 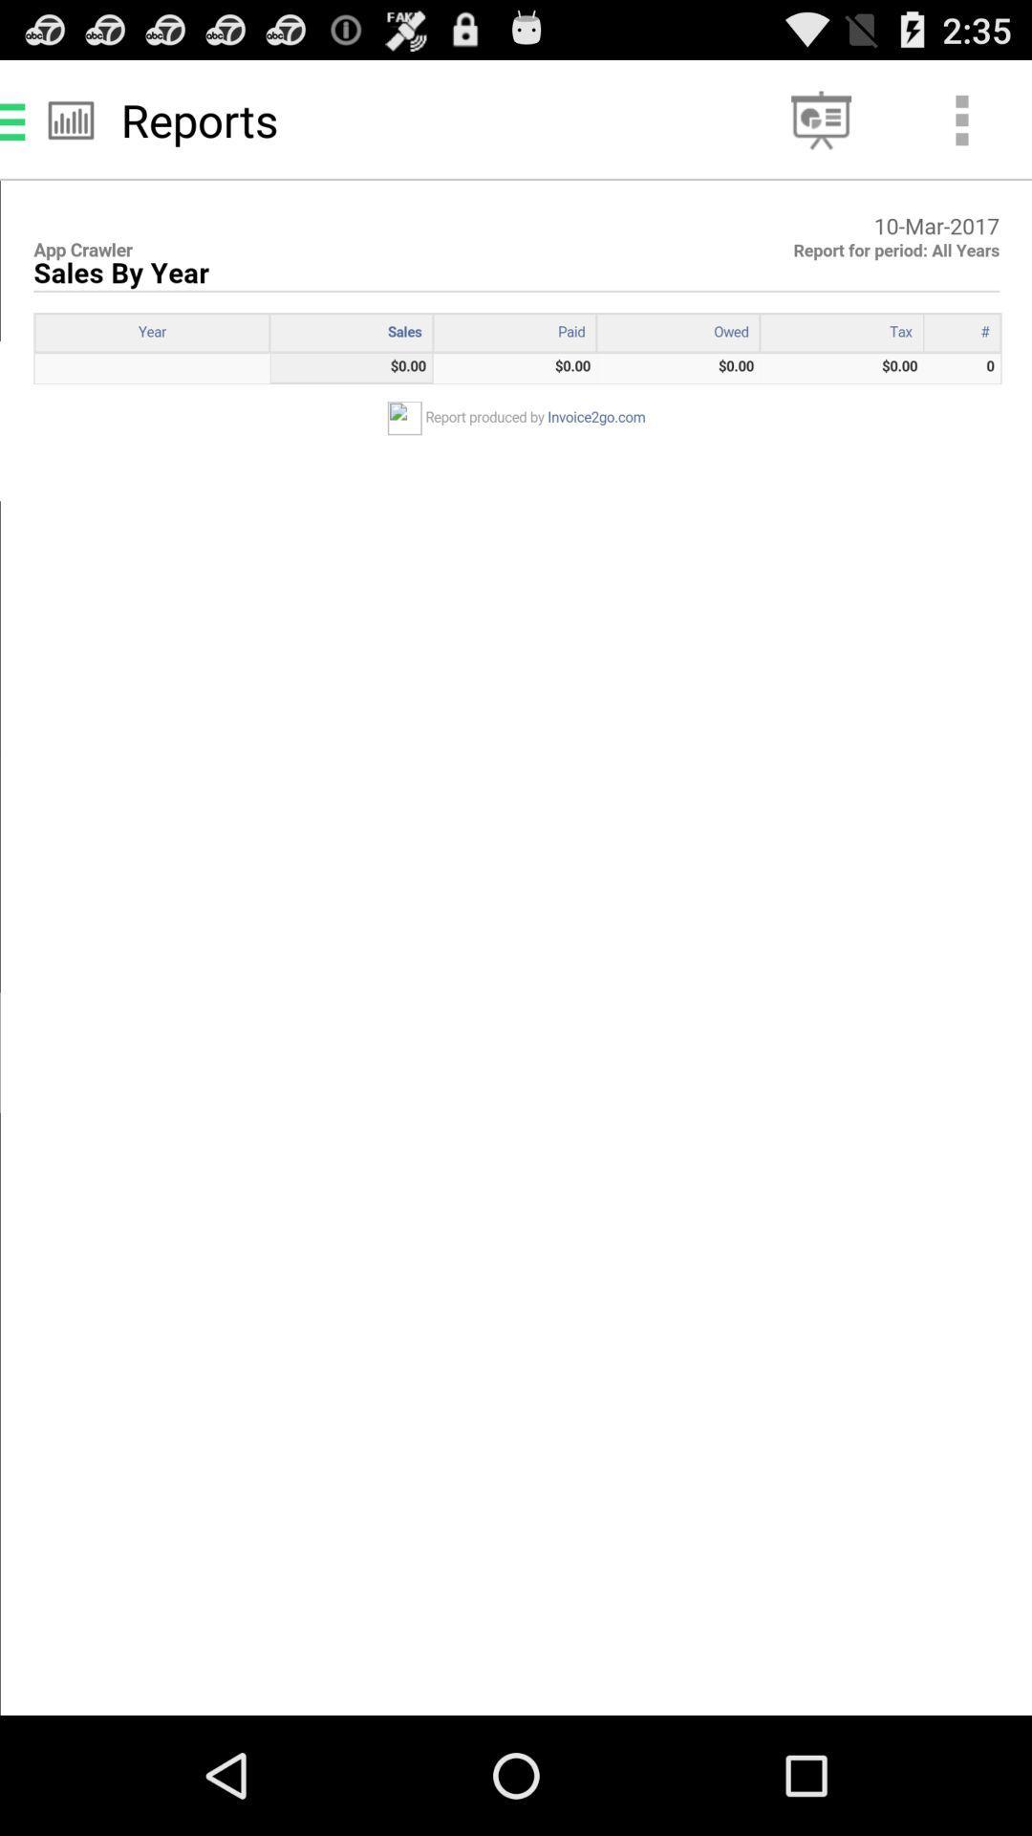 I want to click on description image, so click(x=516, y=948).